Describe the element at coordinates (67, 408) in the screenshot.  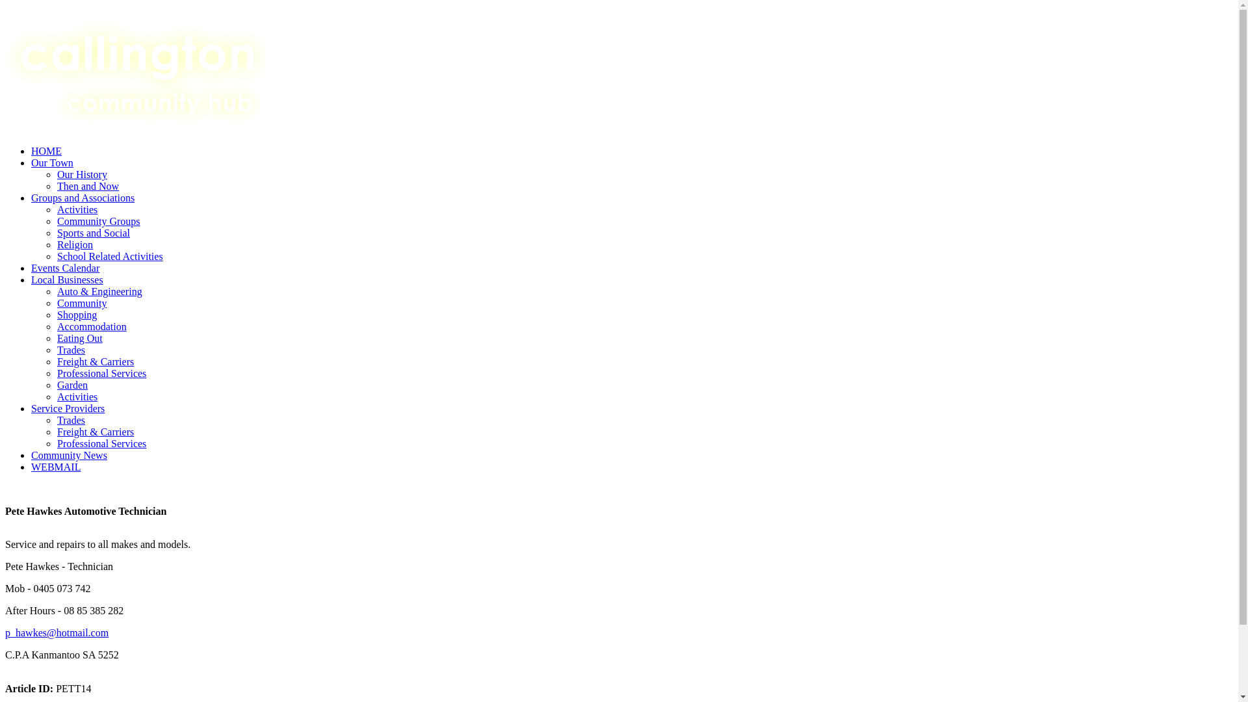
I see `'Service Providers'` at that location.